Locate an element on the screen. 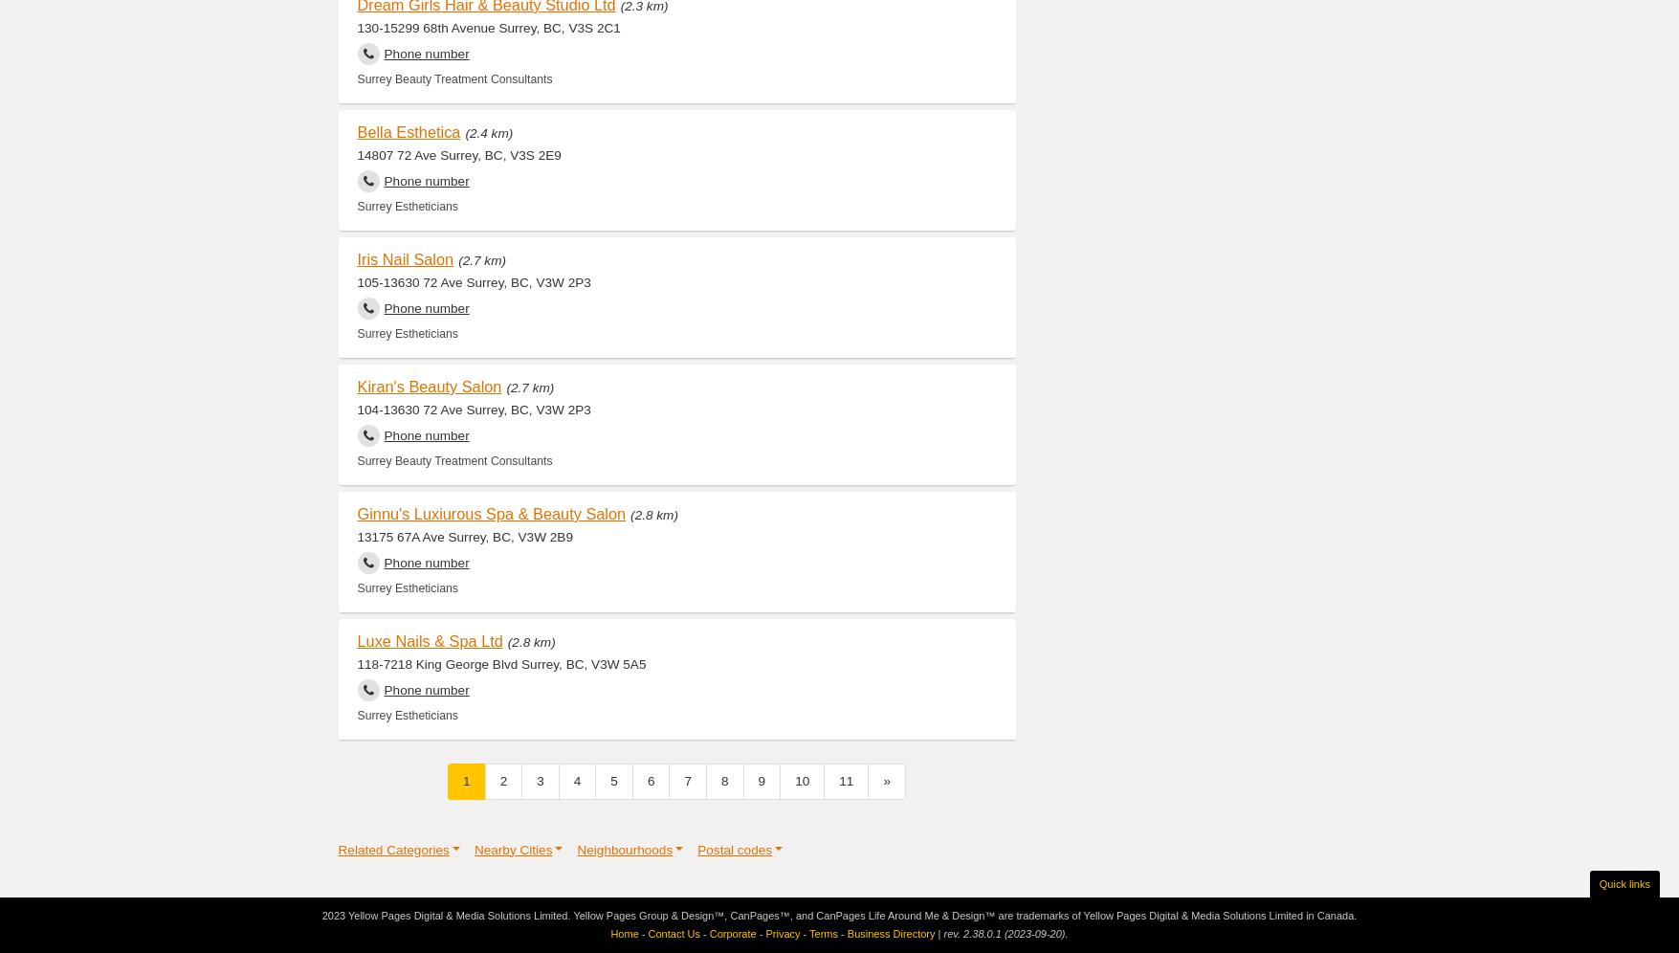 The image size is (1679, 953). 'Neighbourhoods' is located at coordinates (625, 848).